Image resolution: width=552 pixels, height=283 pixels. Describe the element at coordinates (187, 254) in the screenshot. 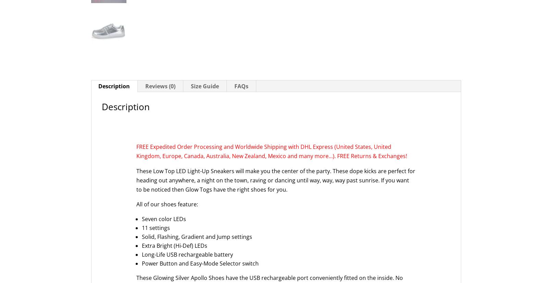

I see `'Long-Life USB rechargeable battery'` at that location.